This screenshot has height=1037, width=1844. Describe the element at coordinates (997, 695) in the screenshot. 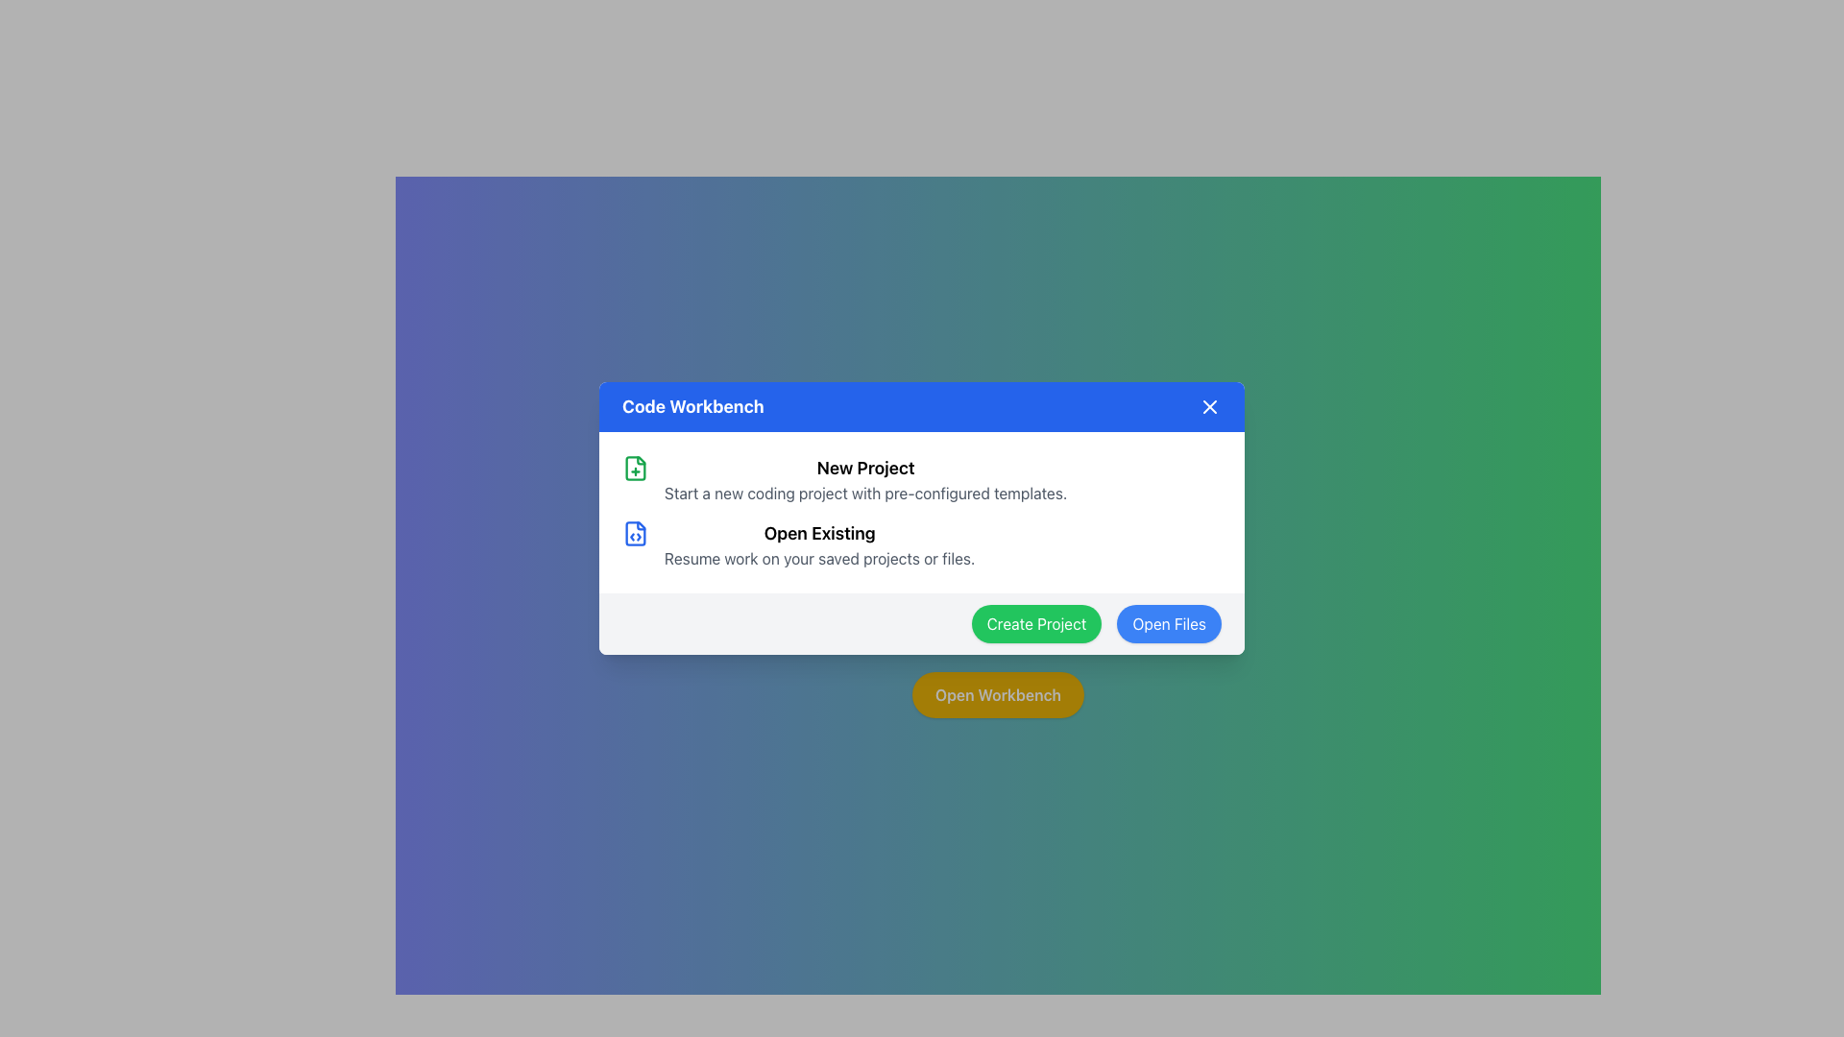

I see `the button located in the modal interface that navigates users to the workbench, positioned beneath the options for 'New Project' and 'Open Existing'` at that location.